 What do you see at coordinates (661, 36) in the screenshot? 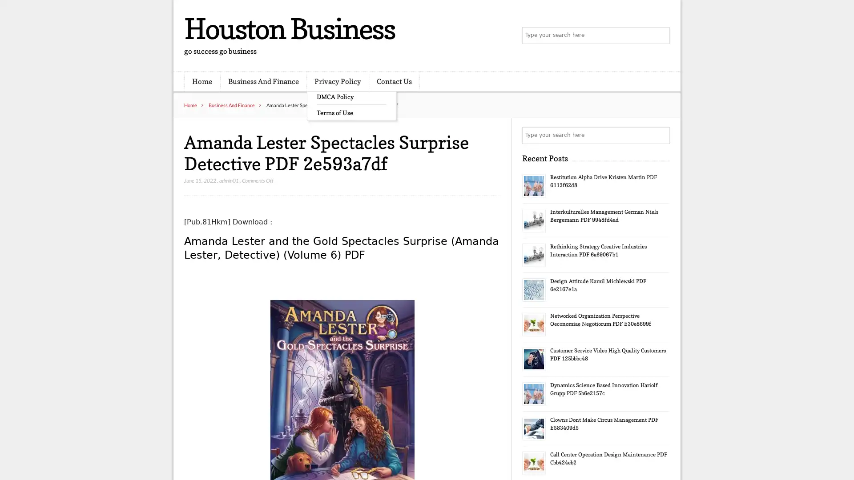
I see `Search` at bounding box center [661, 36].